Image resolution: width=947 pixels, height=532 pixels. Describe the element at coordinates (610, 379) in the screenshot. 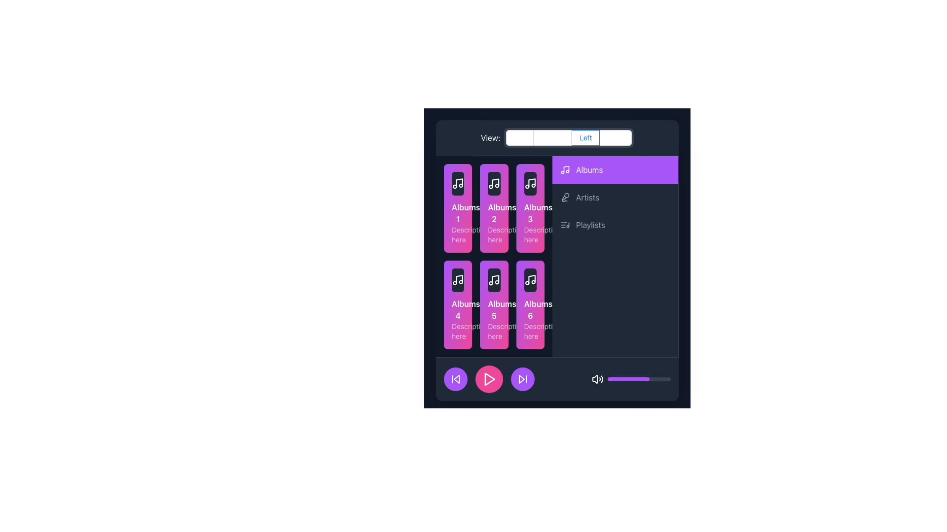

I see `the slider` at that location.